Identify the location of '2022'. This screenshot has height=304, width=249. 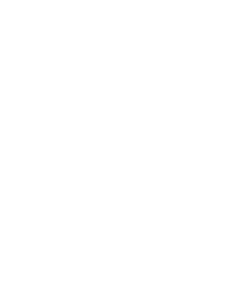
(32, 121).